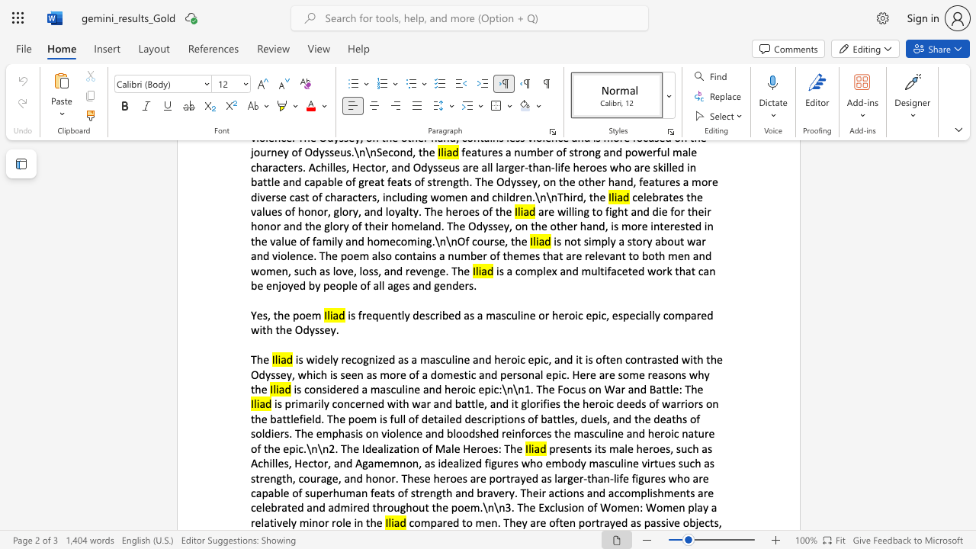 This screenshot has height=549, width=976. What do you see at coordinates (384, 477) in the screenshot?
I see `the subset text "or. These heroes are portrayed as larger-than-life figures who are capable of superhuman feats of" within the text "presents its male heroes, such as Achilles, Hector, and Agamemnon, as idealized figures who embody masculine virtues such as strength, courage, and honor. These heroes are portrayed as larger-than-life figures who are capable of superhuman feats of strength and bravery. Their actions and accomplishments are celebrated and admired throughout the poem.\n\n3. The Exclusion of Women: Women play a relatively minor role in the"` at bounding box center [384, 477].